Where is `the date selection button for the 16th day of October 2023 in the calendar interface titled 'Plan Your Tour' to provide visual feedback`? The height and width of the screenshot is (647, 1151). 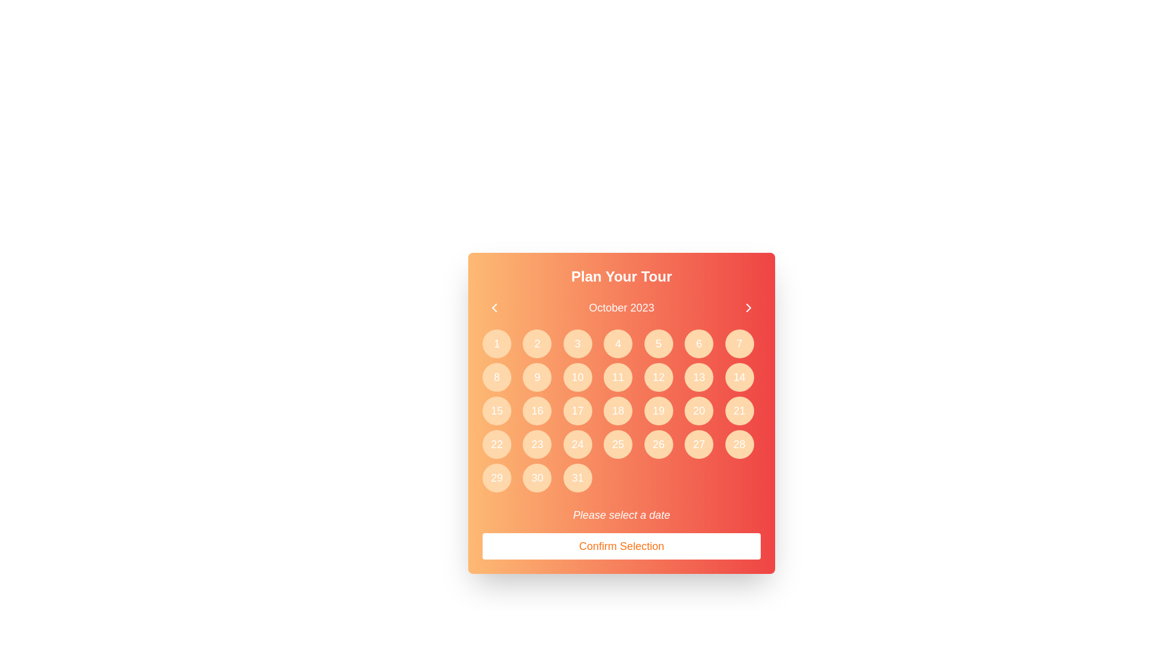 the date selection button for the 16th day of October 2023 in the calendar interface titled 'Plan Your Tour' to provide visual feedback is located at coordinates (537, 410).